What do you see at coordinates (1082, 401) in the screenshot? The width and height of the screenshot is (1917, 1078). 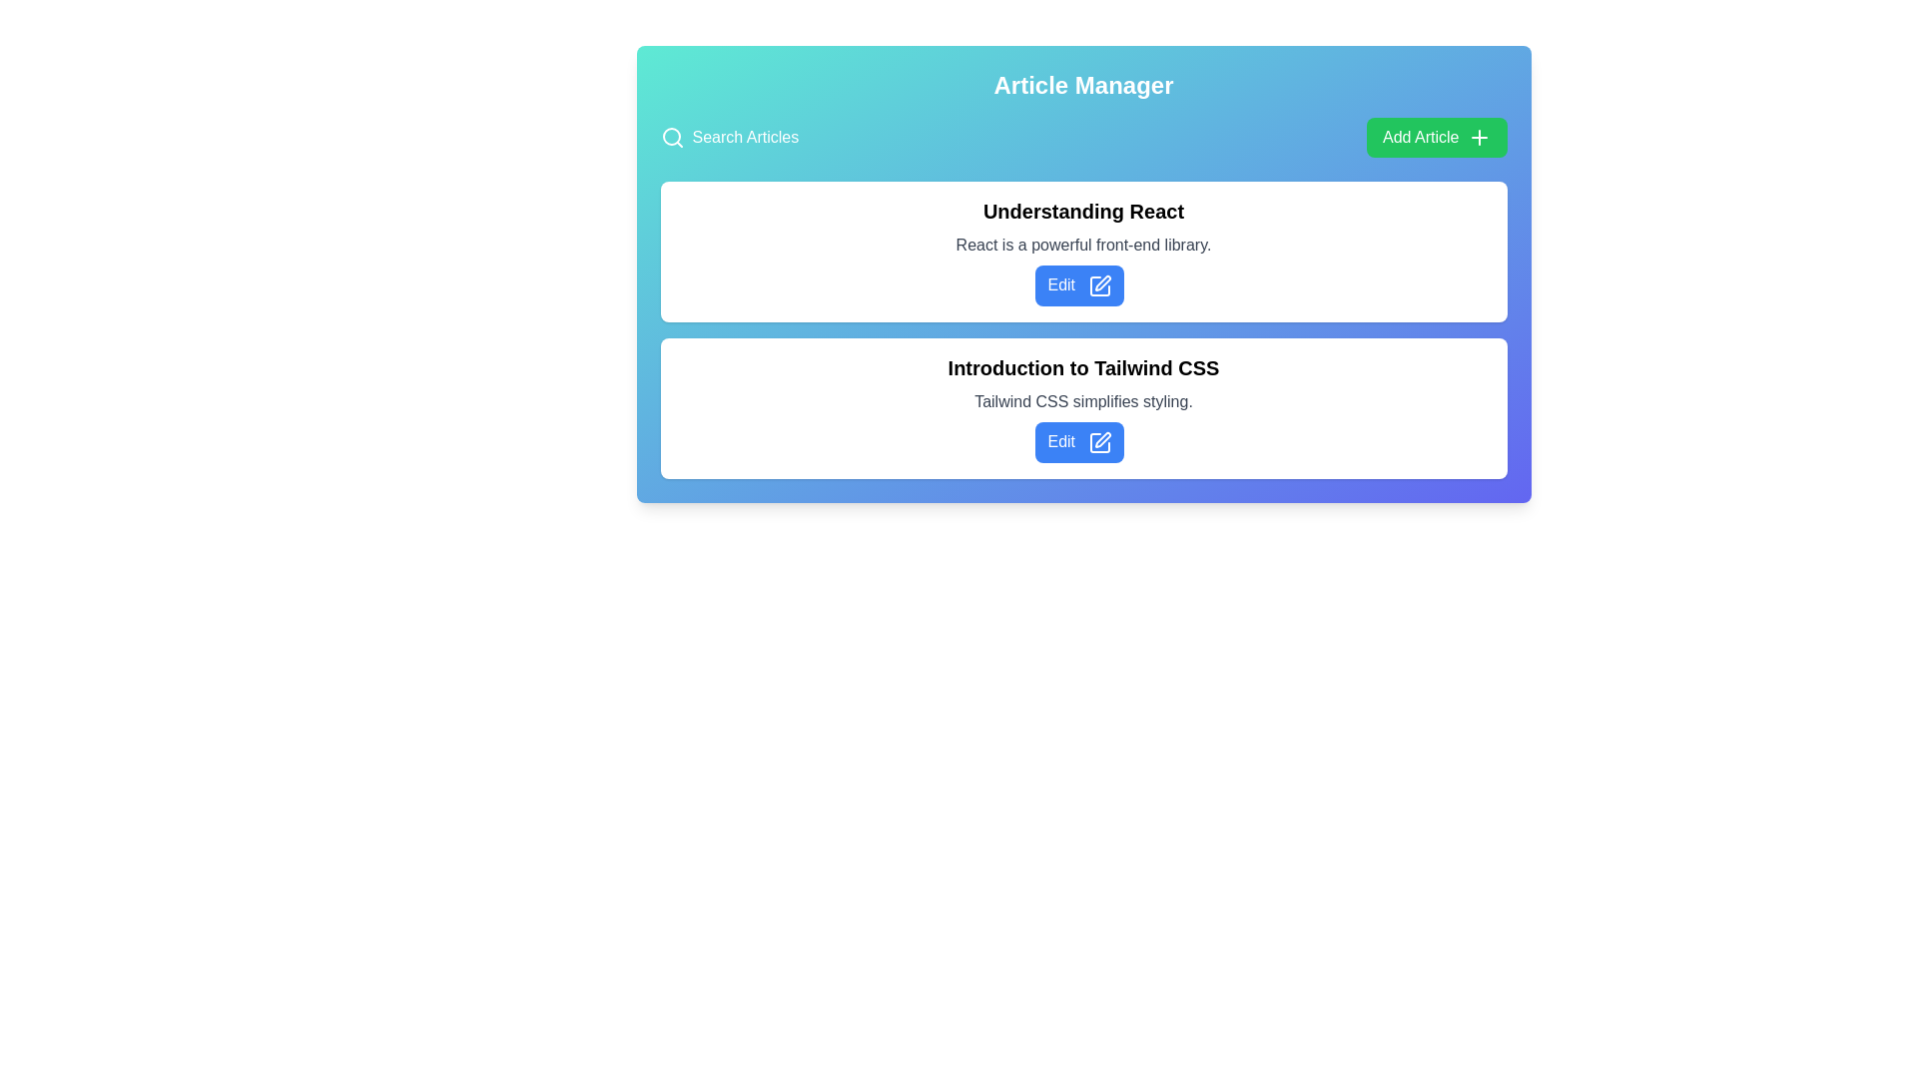 I see `the text element stating 'Tailwind CSS simplifies styling.' which is positioned below the title 'Introduction to Tailwind CSS' and above the 'Edit' button` at bounding box center [1082, 401].